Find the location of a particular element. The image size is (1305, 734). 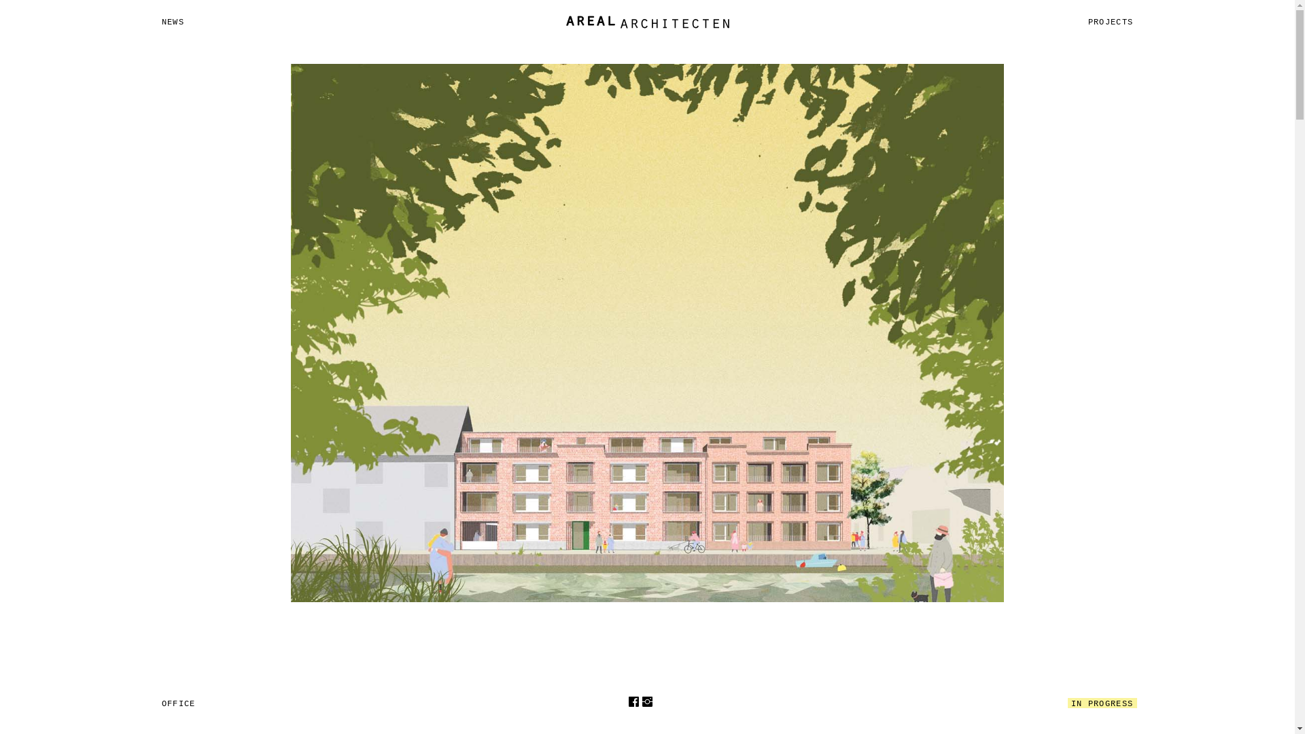

'Home' is located at coordinates (646, 22).